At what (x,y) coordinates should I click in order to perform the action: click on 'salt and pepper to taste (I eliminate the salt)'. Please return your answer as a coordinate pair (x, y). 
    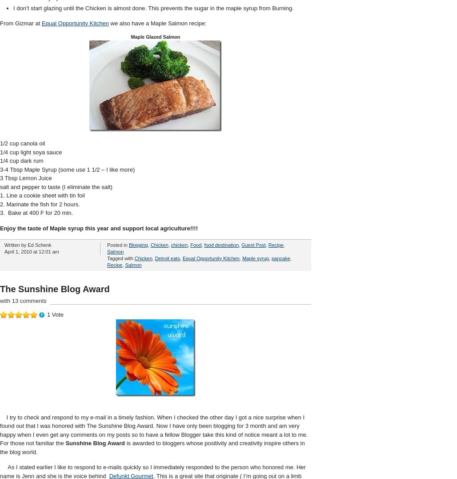
    Looking at the image, I should click on (56, 186).